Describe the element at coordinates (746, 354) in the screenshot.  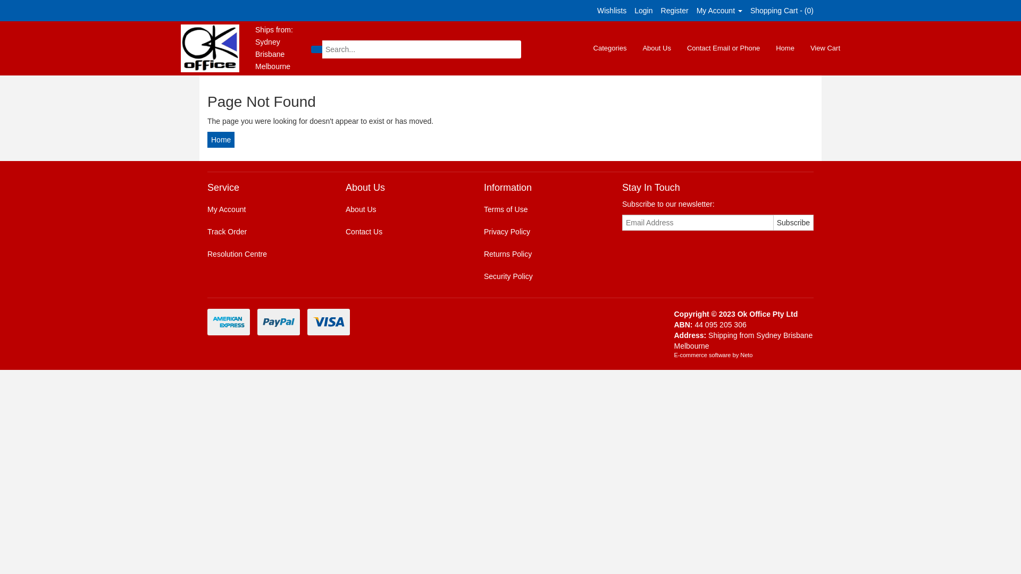
I see `'Neto'` at that location.